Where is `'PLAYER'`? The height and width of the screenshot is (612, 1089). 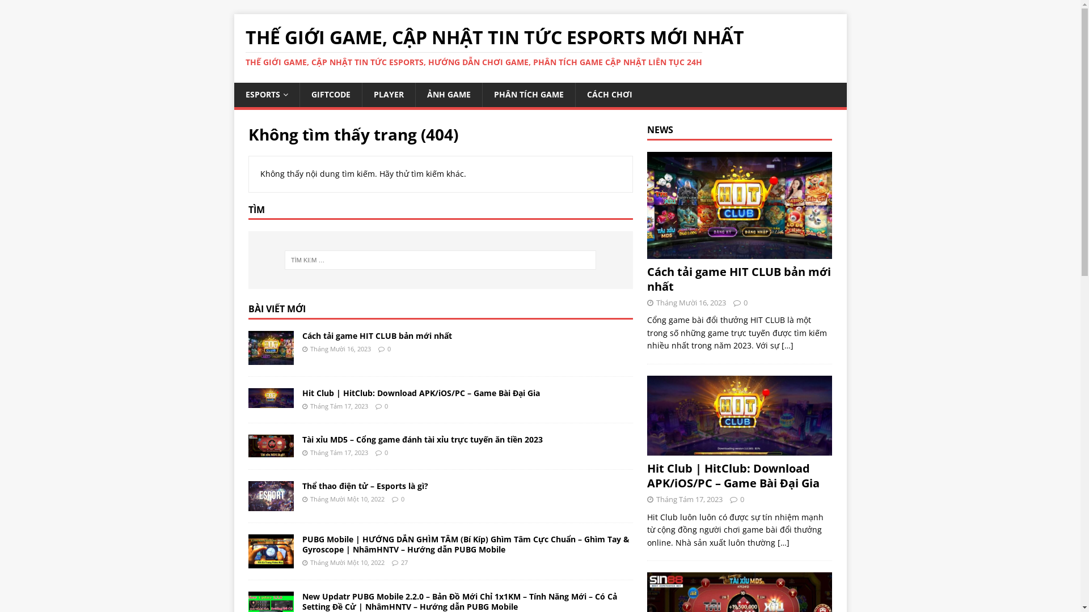
'PLAYER' is located at coordinates (389, 93).